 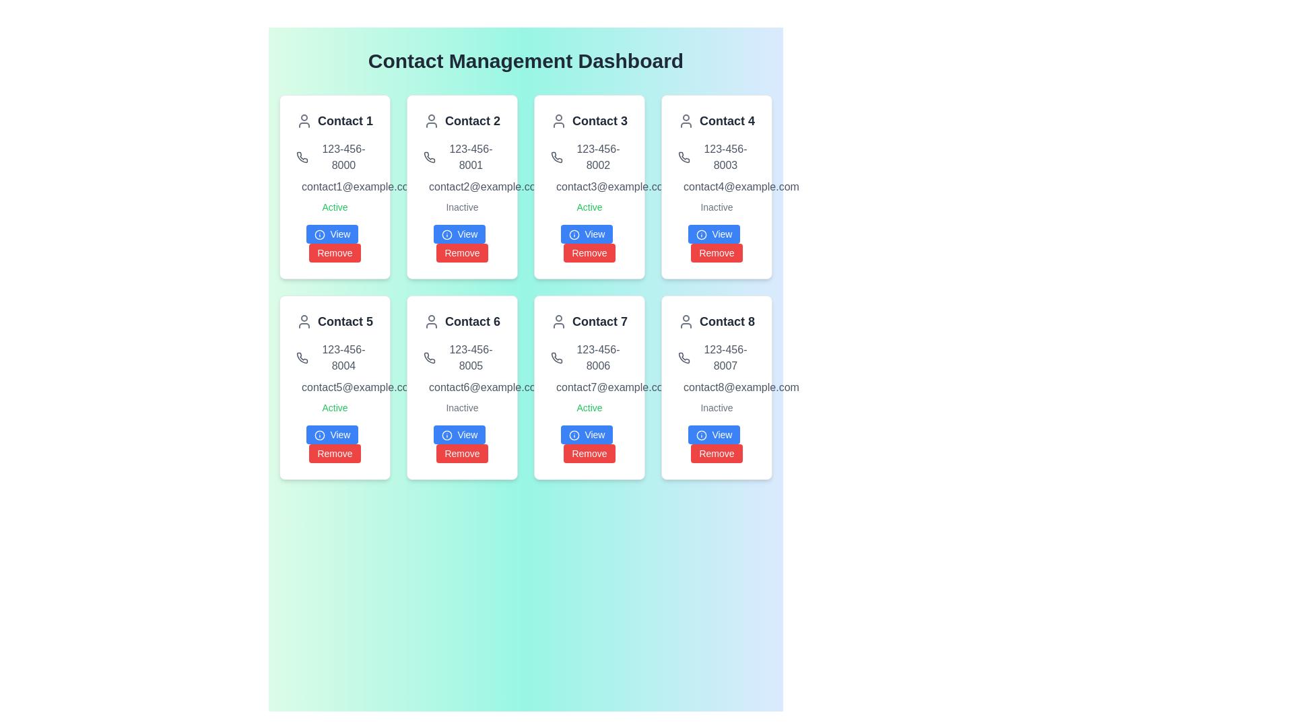 I want to click on the text display element that shows the email address 'contact7@example.com' located within the 'Contact 7' card in the bottom row, third column, so click(x=589, y=387).